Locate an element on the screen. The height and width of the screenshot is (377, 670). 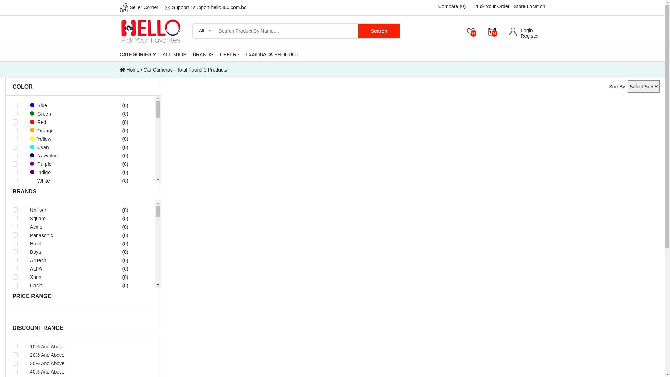
'Login is located at coordinates (524, 33).